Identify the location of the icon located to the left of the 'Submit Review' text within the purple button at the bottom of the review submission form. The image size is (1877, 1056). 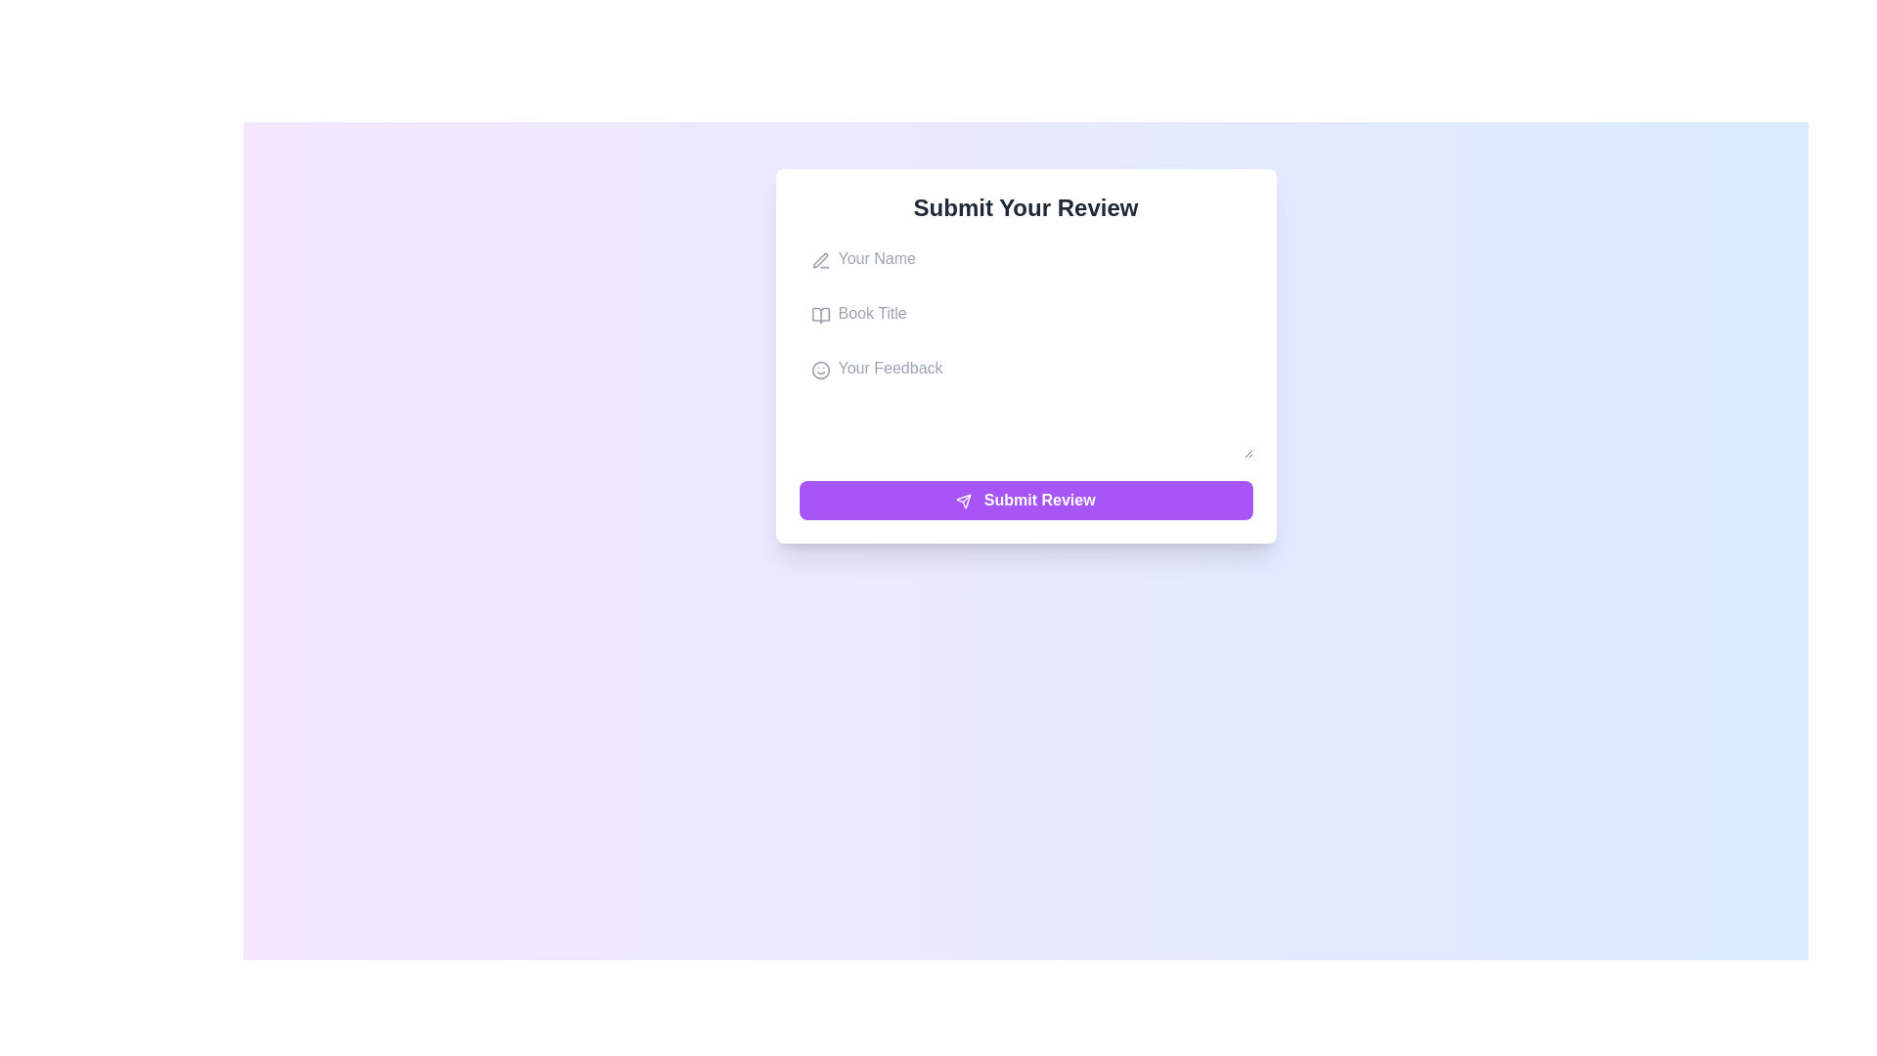
(964, 500).